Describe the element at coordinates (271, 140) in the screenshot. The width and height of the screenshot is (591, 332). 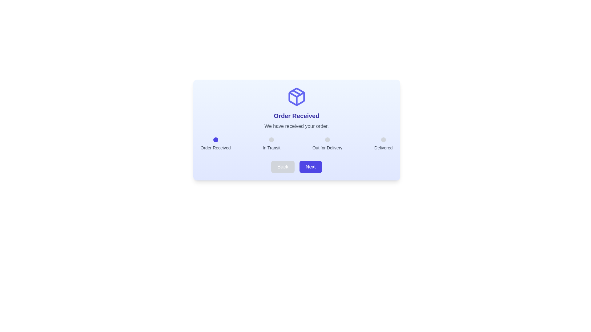
I see `the step indicator for In Transit to highlight it` at that location.